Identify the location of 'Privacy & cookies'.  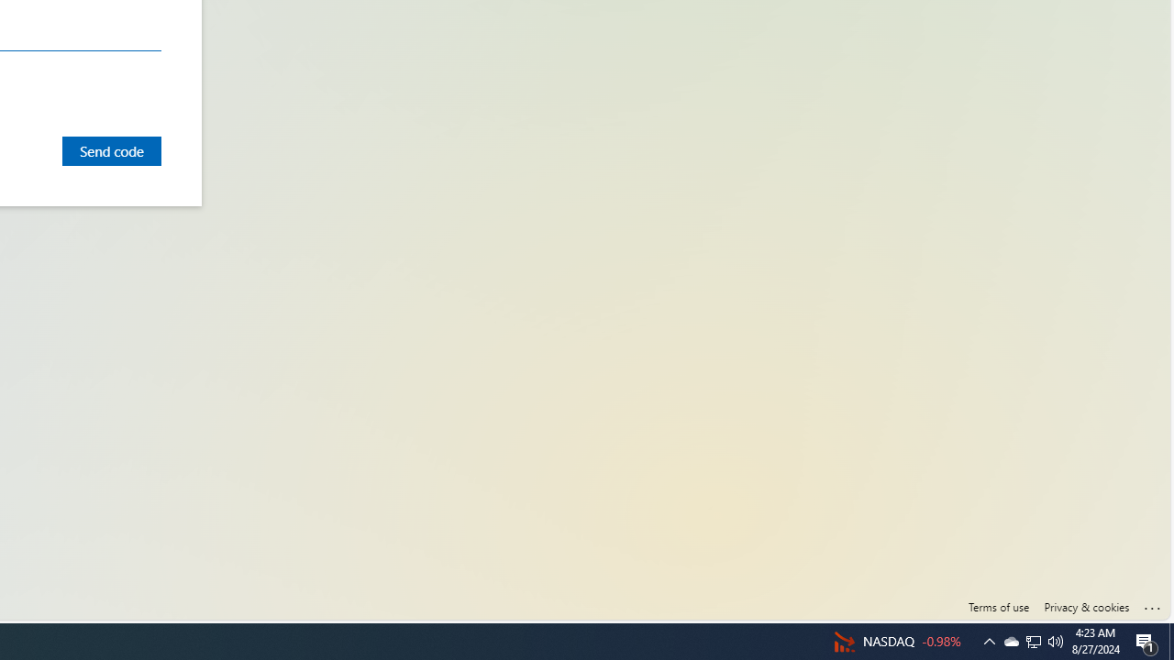
(1086, 607).